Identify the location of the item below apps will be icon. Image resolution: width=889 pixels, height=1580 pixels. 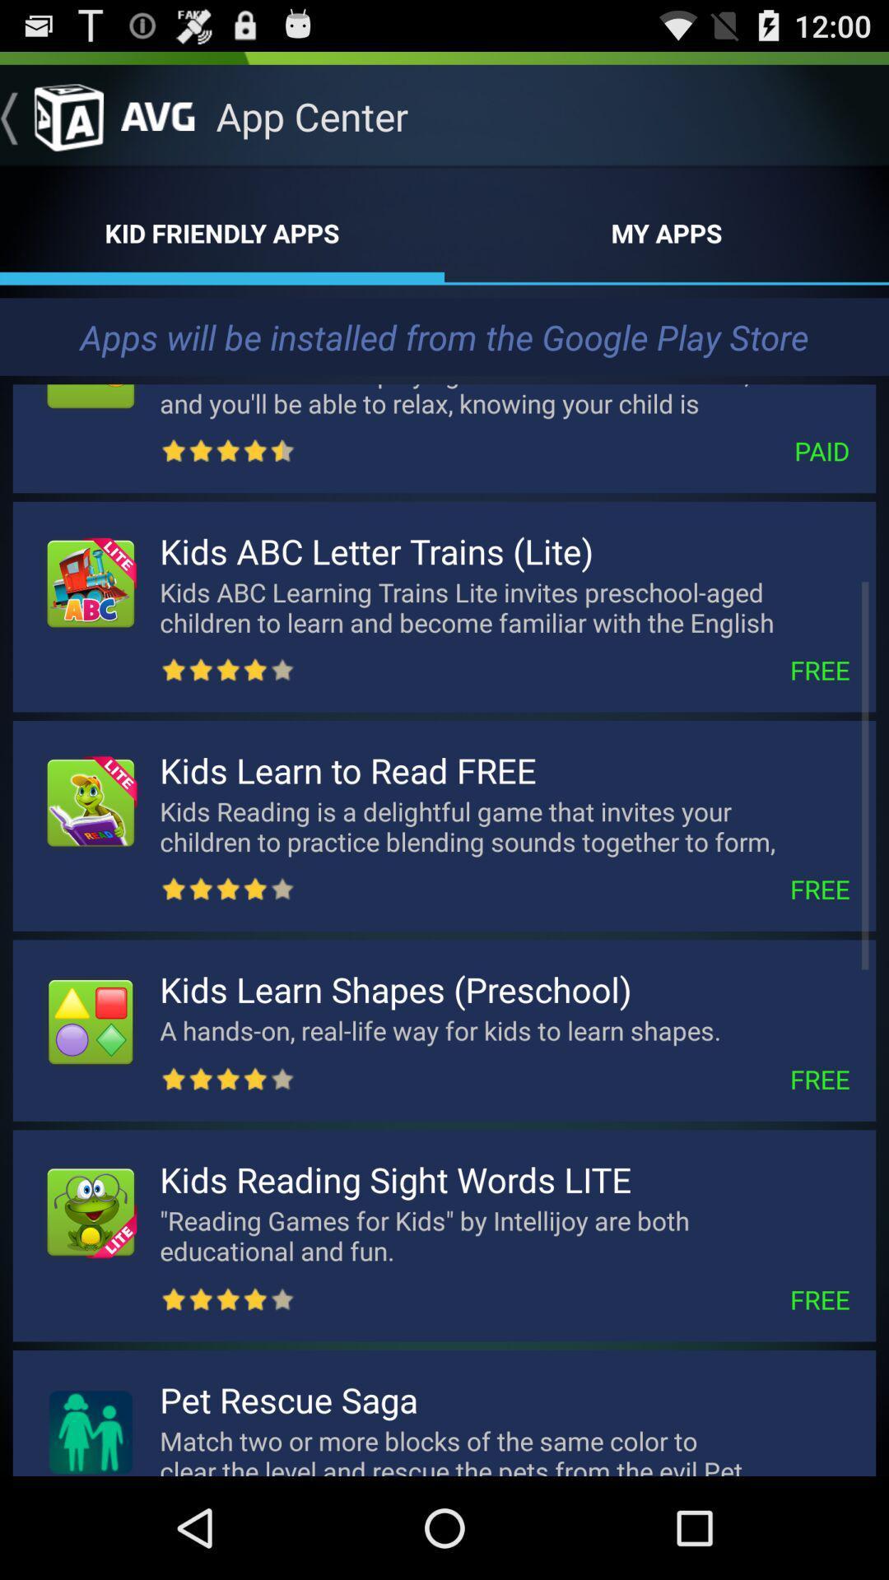
(504, 397).